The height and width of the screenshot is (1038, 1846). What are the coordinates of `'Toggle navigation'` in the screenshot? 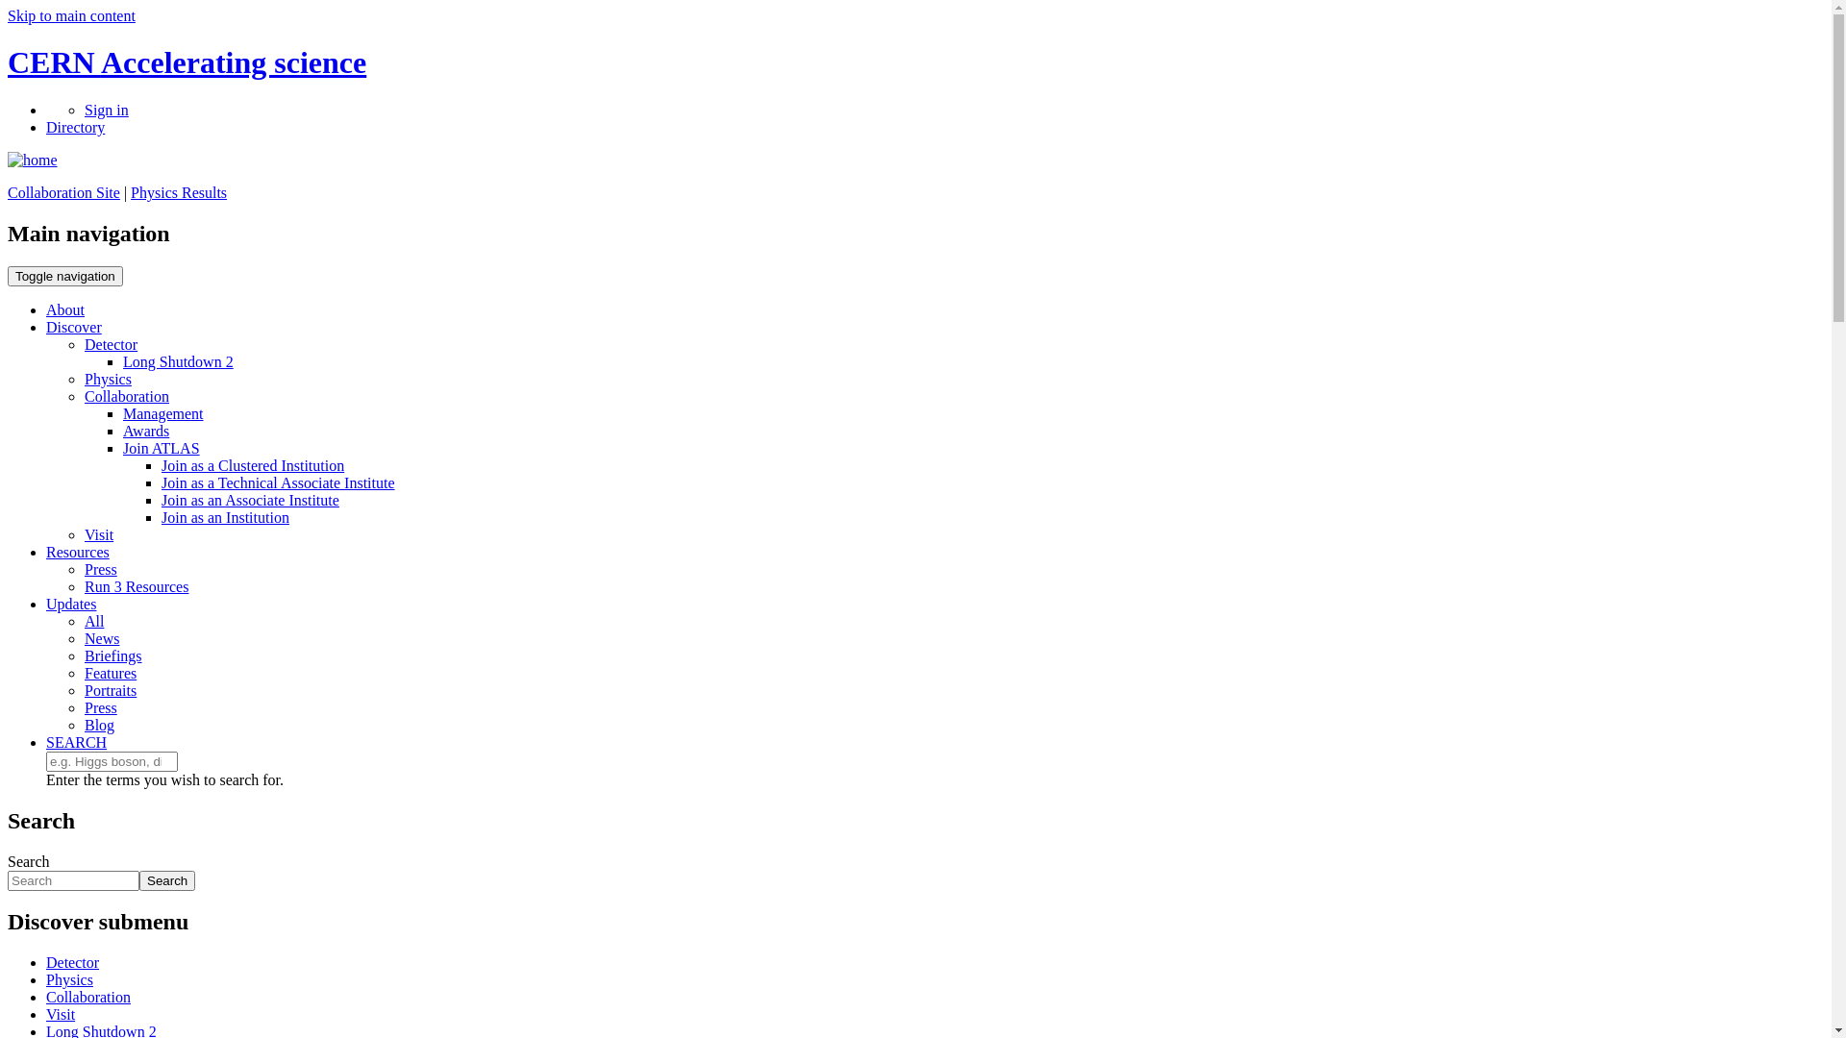 It's located at (64, 276).